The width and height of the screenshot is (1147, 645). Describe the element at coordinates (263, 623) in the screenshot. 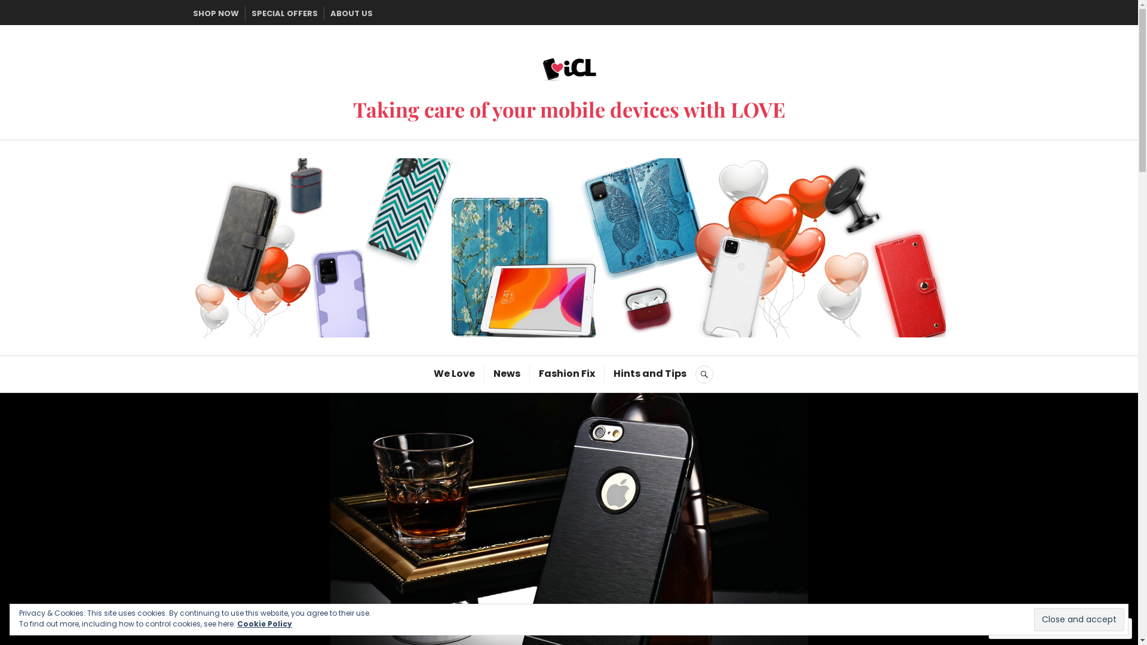

I see `'Cookie Policy'` at that location.